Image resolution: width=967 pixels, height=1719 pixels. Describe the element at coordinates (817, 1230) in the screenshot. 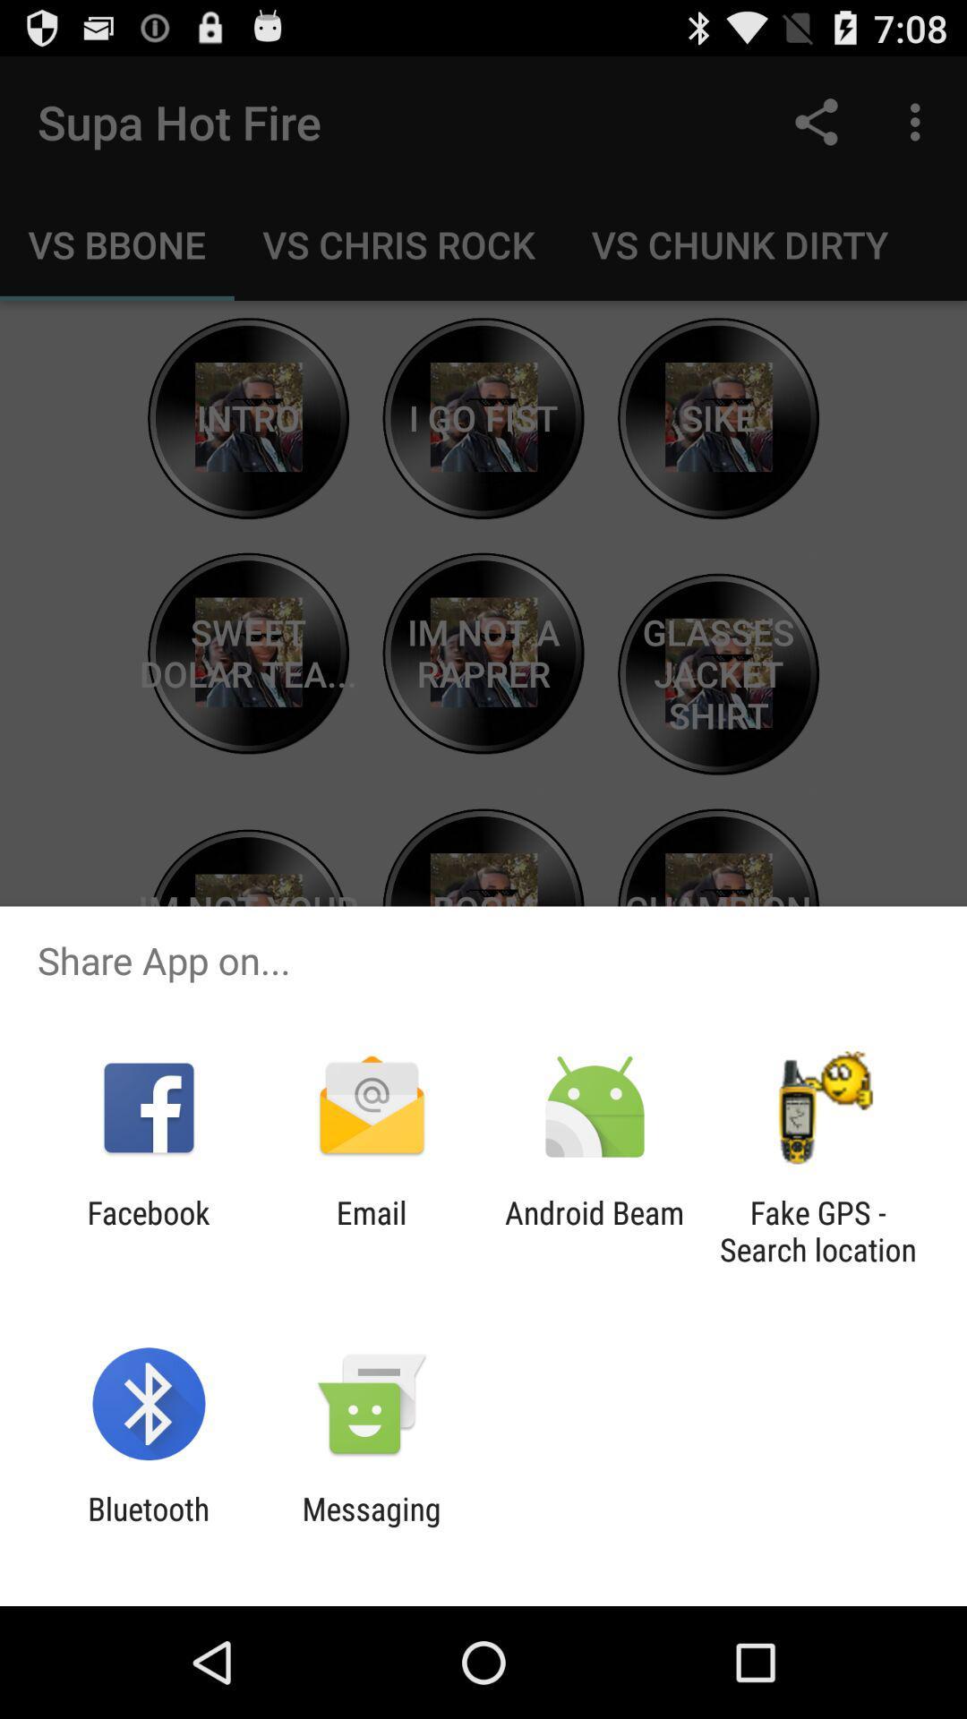

I see `icon next to android beam item` at that location.